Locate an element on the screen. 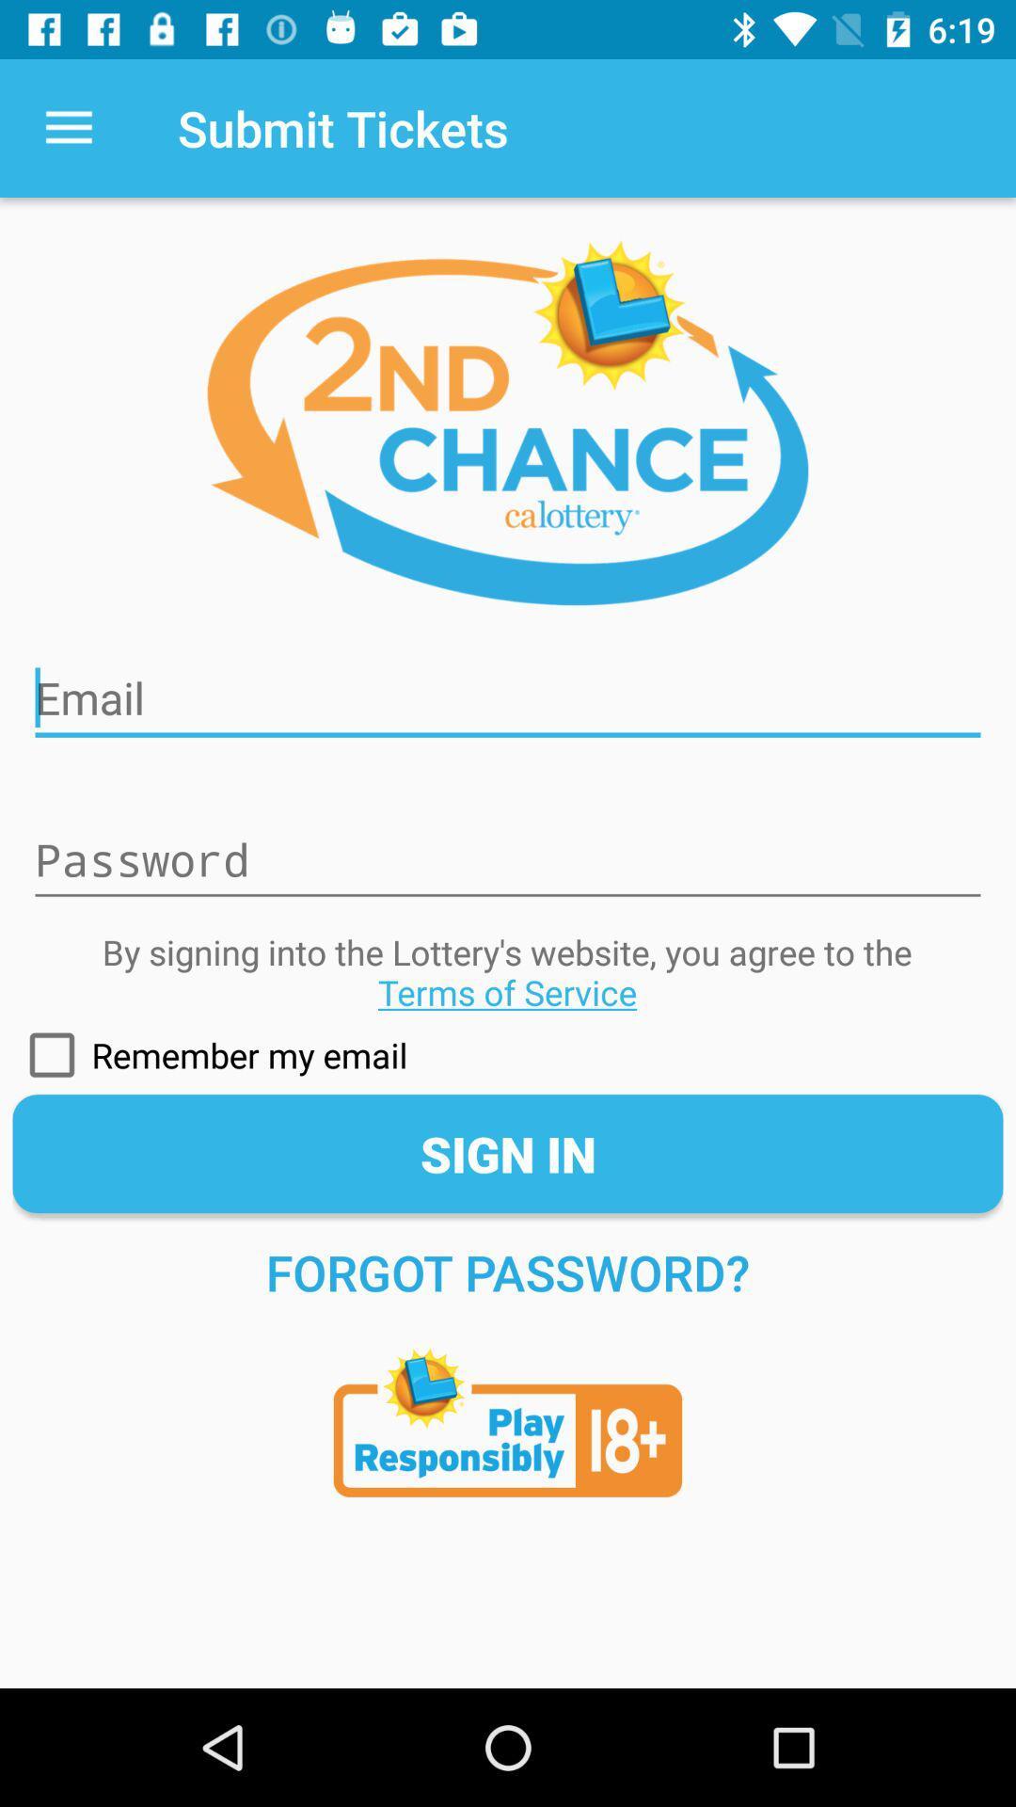  your email address is located at coordinates (508, 685).